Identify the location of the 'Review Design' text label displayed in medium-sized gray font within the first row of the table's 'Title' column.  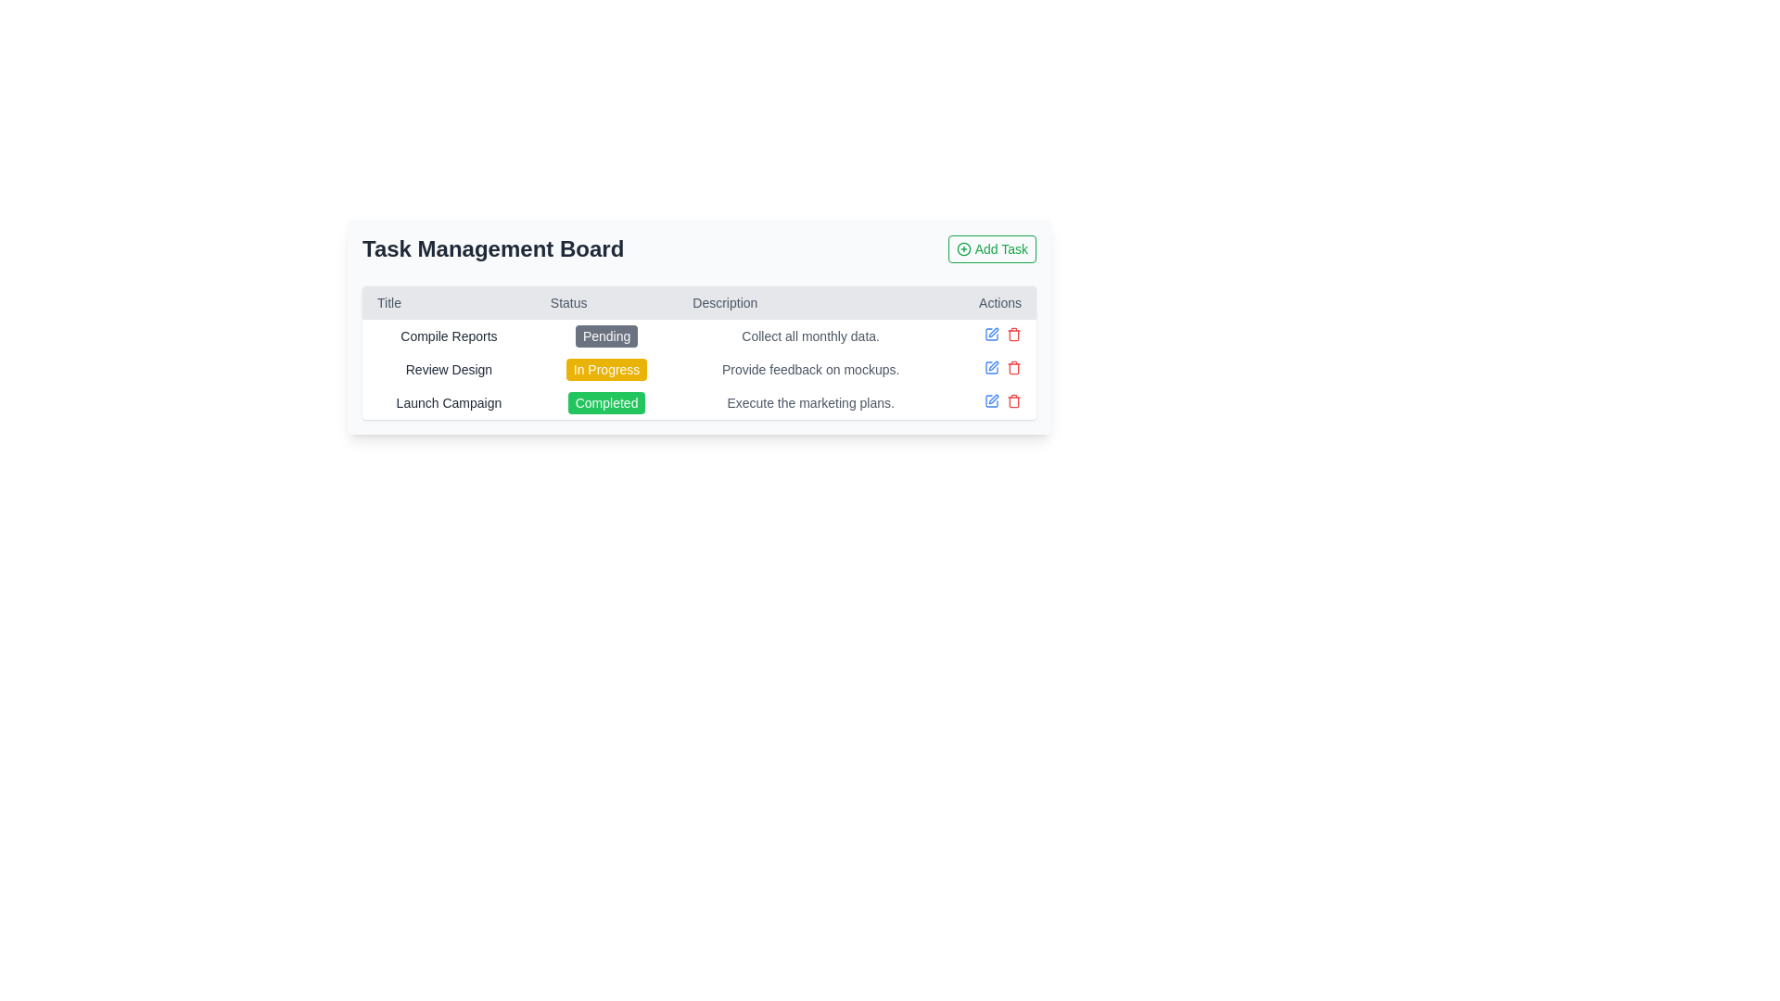
(449, 369).